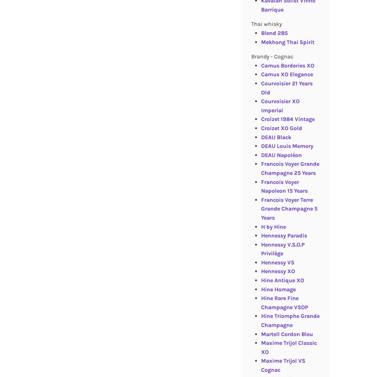  I want to click on 'Maxime Trijol Classic XO', so click(288, 347).